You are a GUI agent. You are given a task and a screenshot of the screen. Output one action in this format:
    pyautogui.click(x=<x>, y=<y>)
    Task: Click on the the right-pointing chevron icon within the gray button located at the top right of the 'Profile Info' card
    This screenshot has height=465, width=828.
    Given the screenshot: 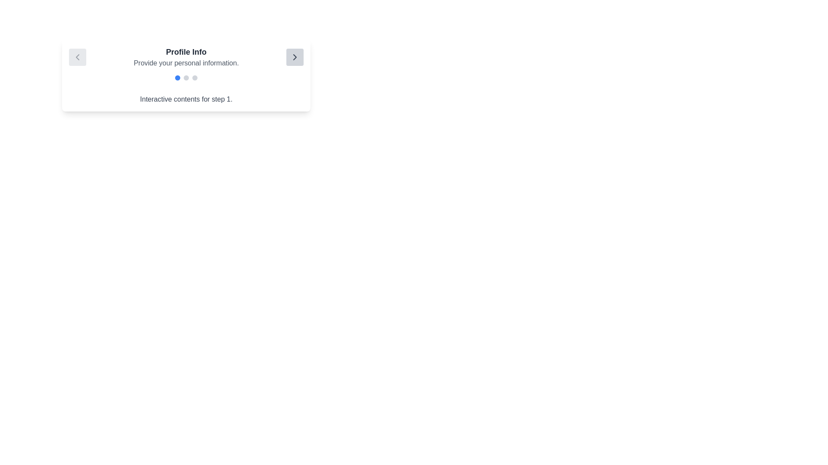 What is the action you would take?
    pyautogui.click(x=295, y=57)
    